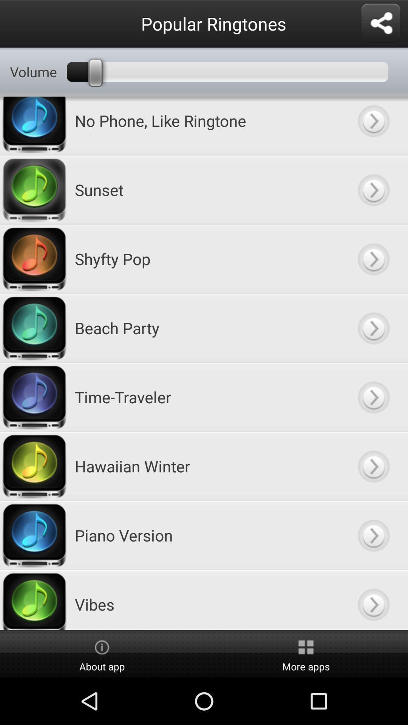 The width and height of the screenshot is (408, 725). Describe the element at coordinates (380, 23) in the screenshot. I see `share` at that location.